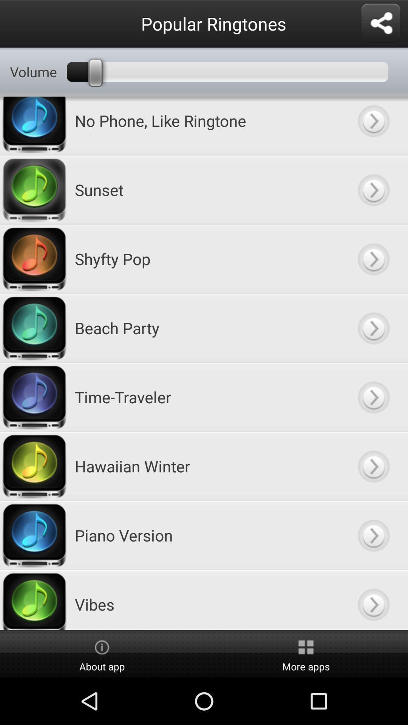 The width and height of the screenshot is (408, 725). Describe the element at coordinates (380, 23) in the screenshot. I see `share` at that location.